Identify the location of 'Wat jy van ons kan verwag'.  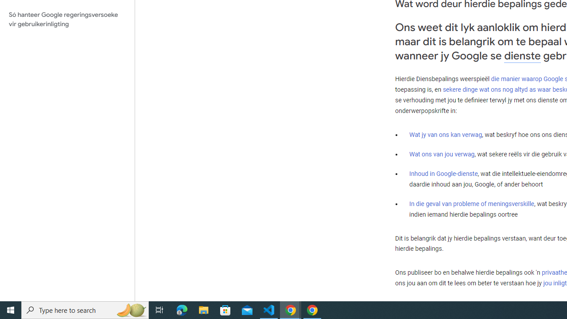
(446, 135).